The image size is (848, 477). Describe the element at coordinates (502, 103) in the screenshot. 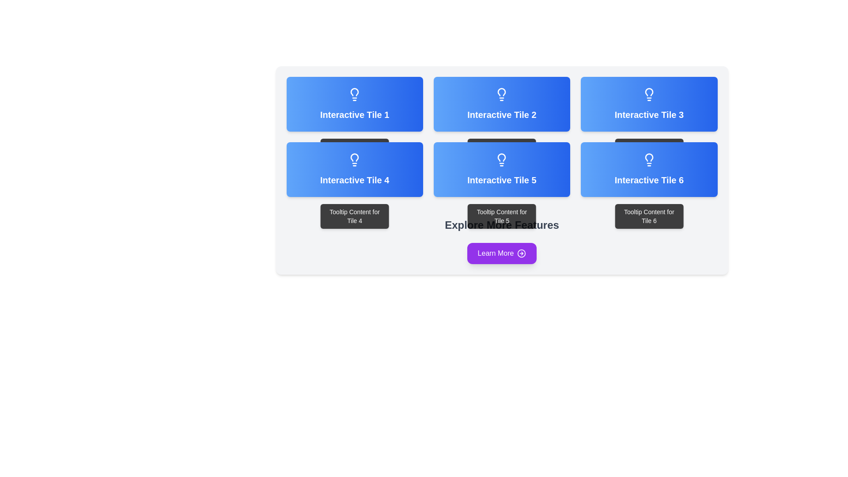

I see `the Interactive Tile 2 element, which is positioned in the upper row of a 3x2 tile grid, located between Interactive Tile 1 and Interactive Tile 3` at that location.